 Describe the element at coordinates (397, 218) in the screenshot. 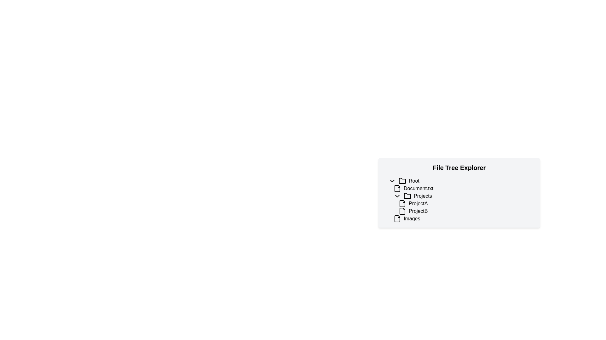

I see `the document icon with a black outline and a corner fold, located` at that location.